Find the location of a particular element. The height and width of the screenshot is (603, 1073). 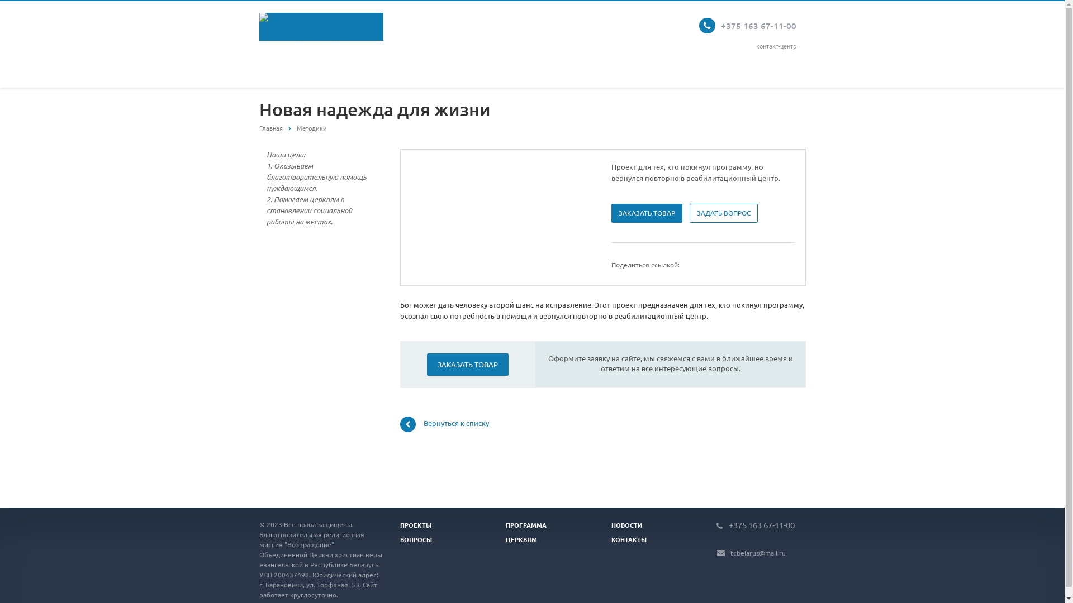

'+375 163 67-11-00' is located at coordinates (729, 524).